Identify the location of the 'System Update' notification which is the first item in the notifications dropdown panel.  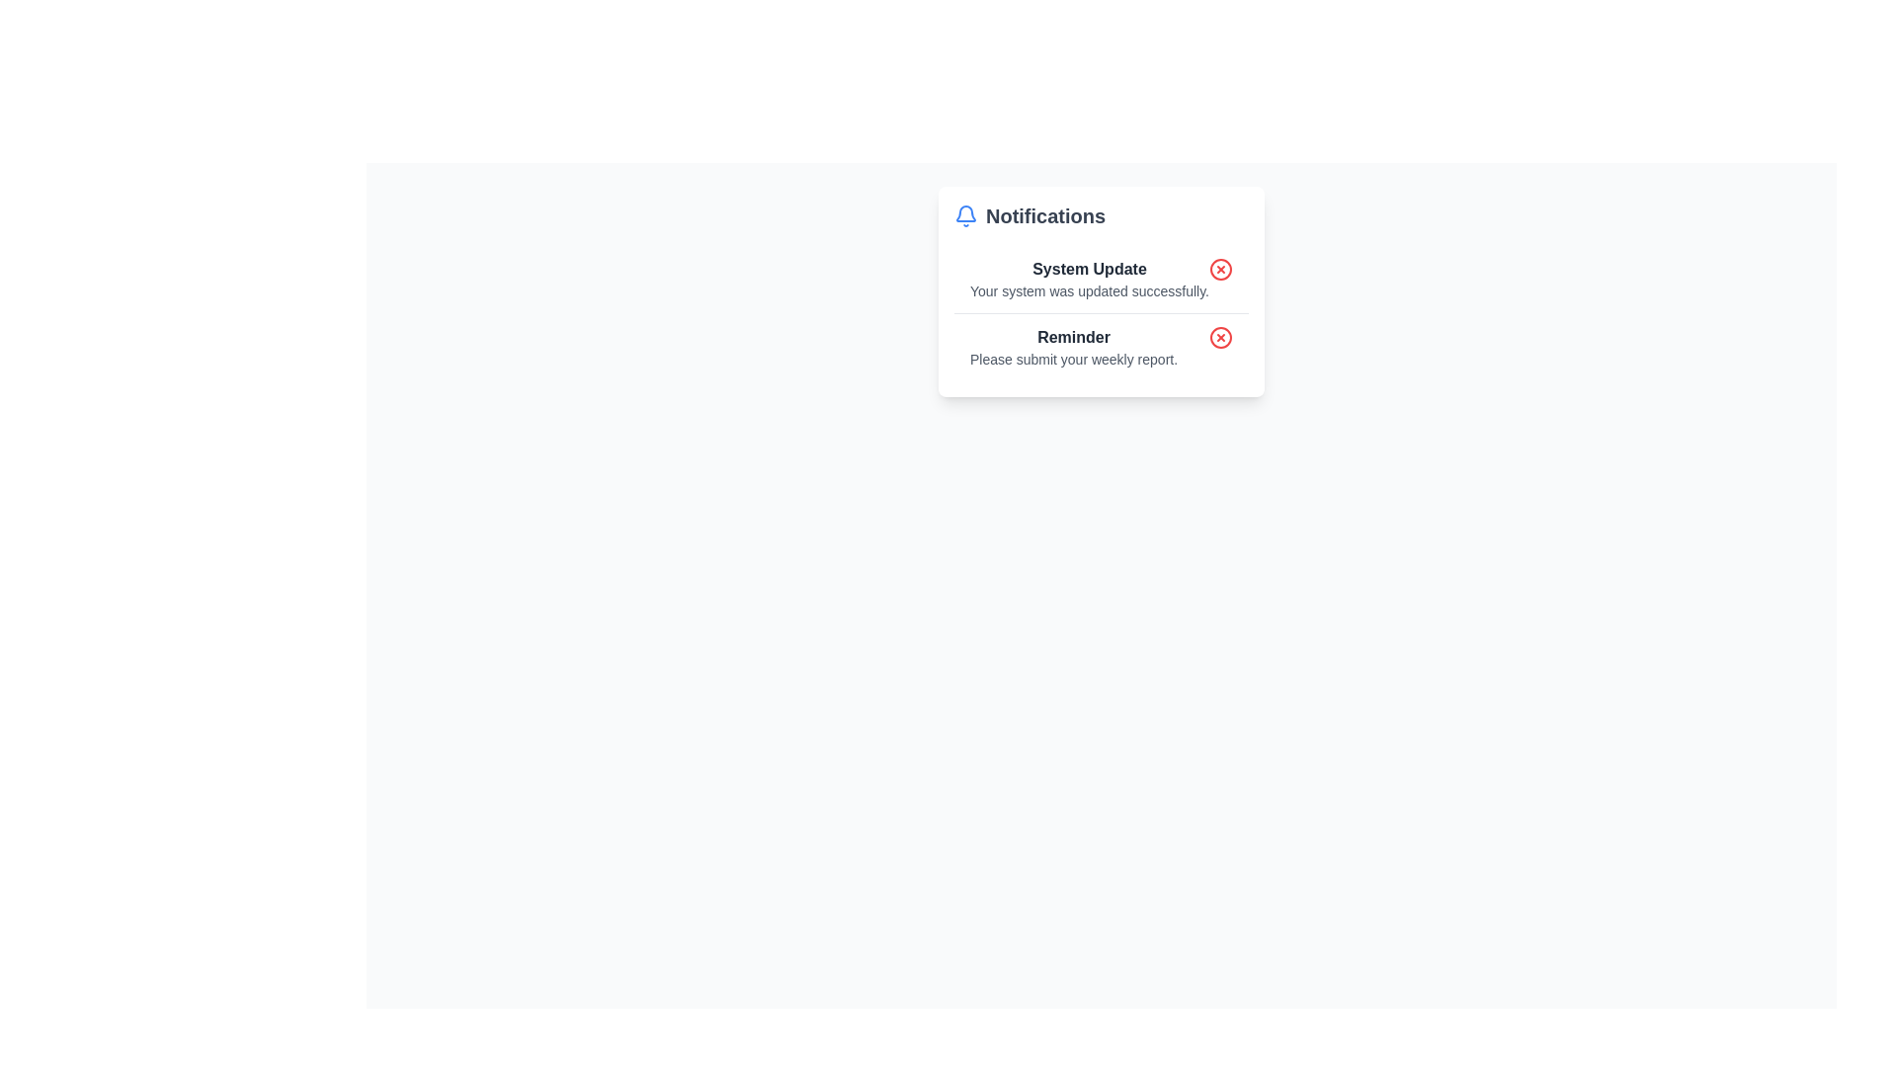
(1100, 279).